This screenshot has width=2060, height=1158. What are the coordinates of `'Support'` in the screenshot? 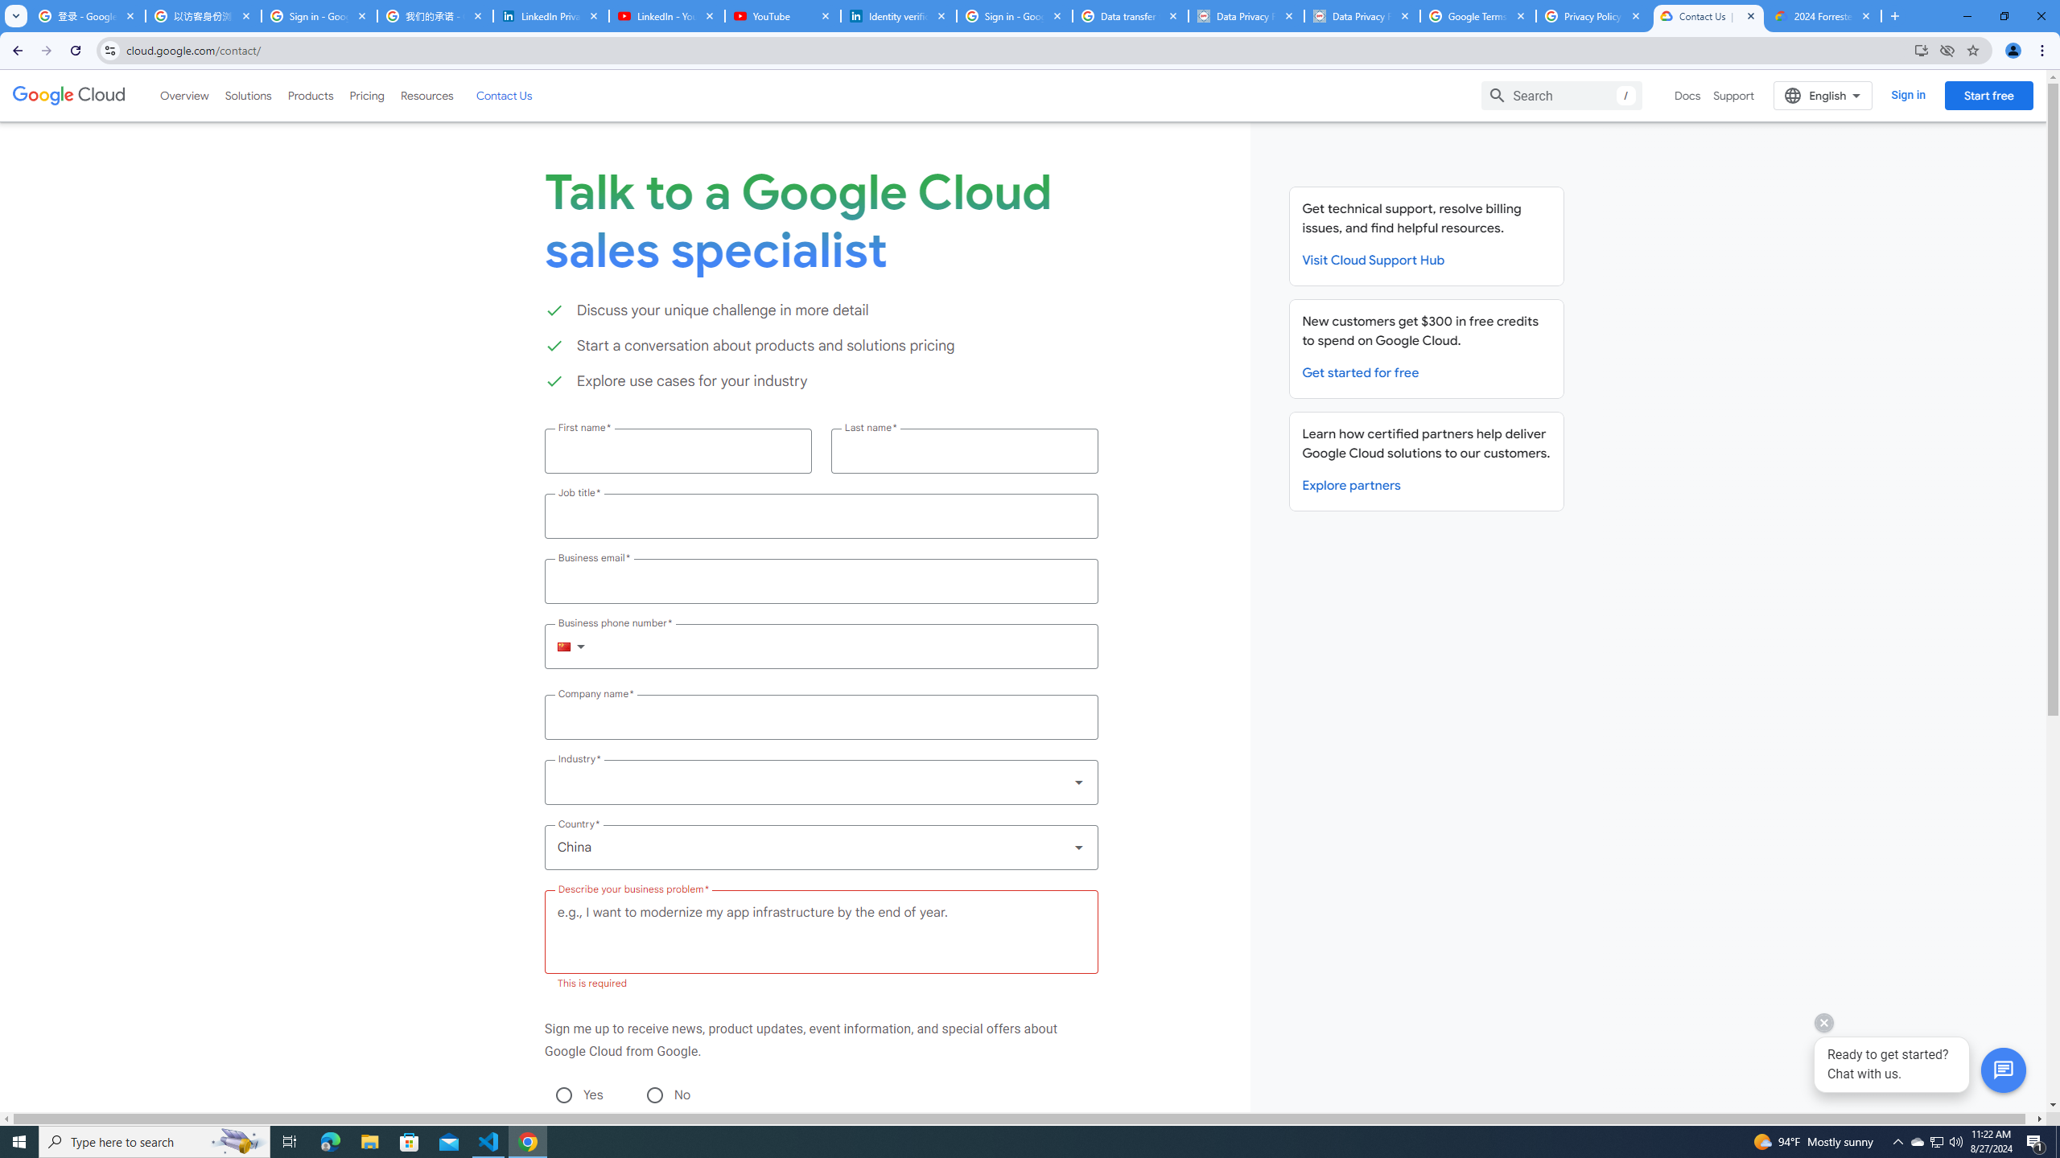 It's located at (1734, 95).